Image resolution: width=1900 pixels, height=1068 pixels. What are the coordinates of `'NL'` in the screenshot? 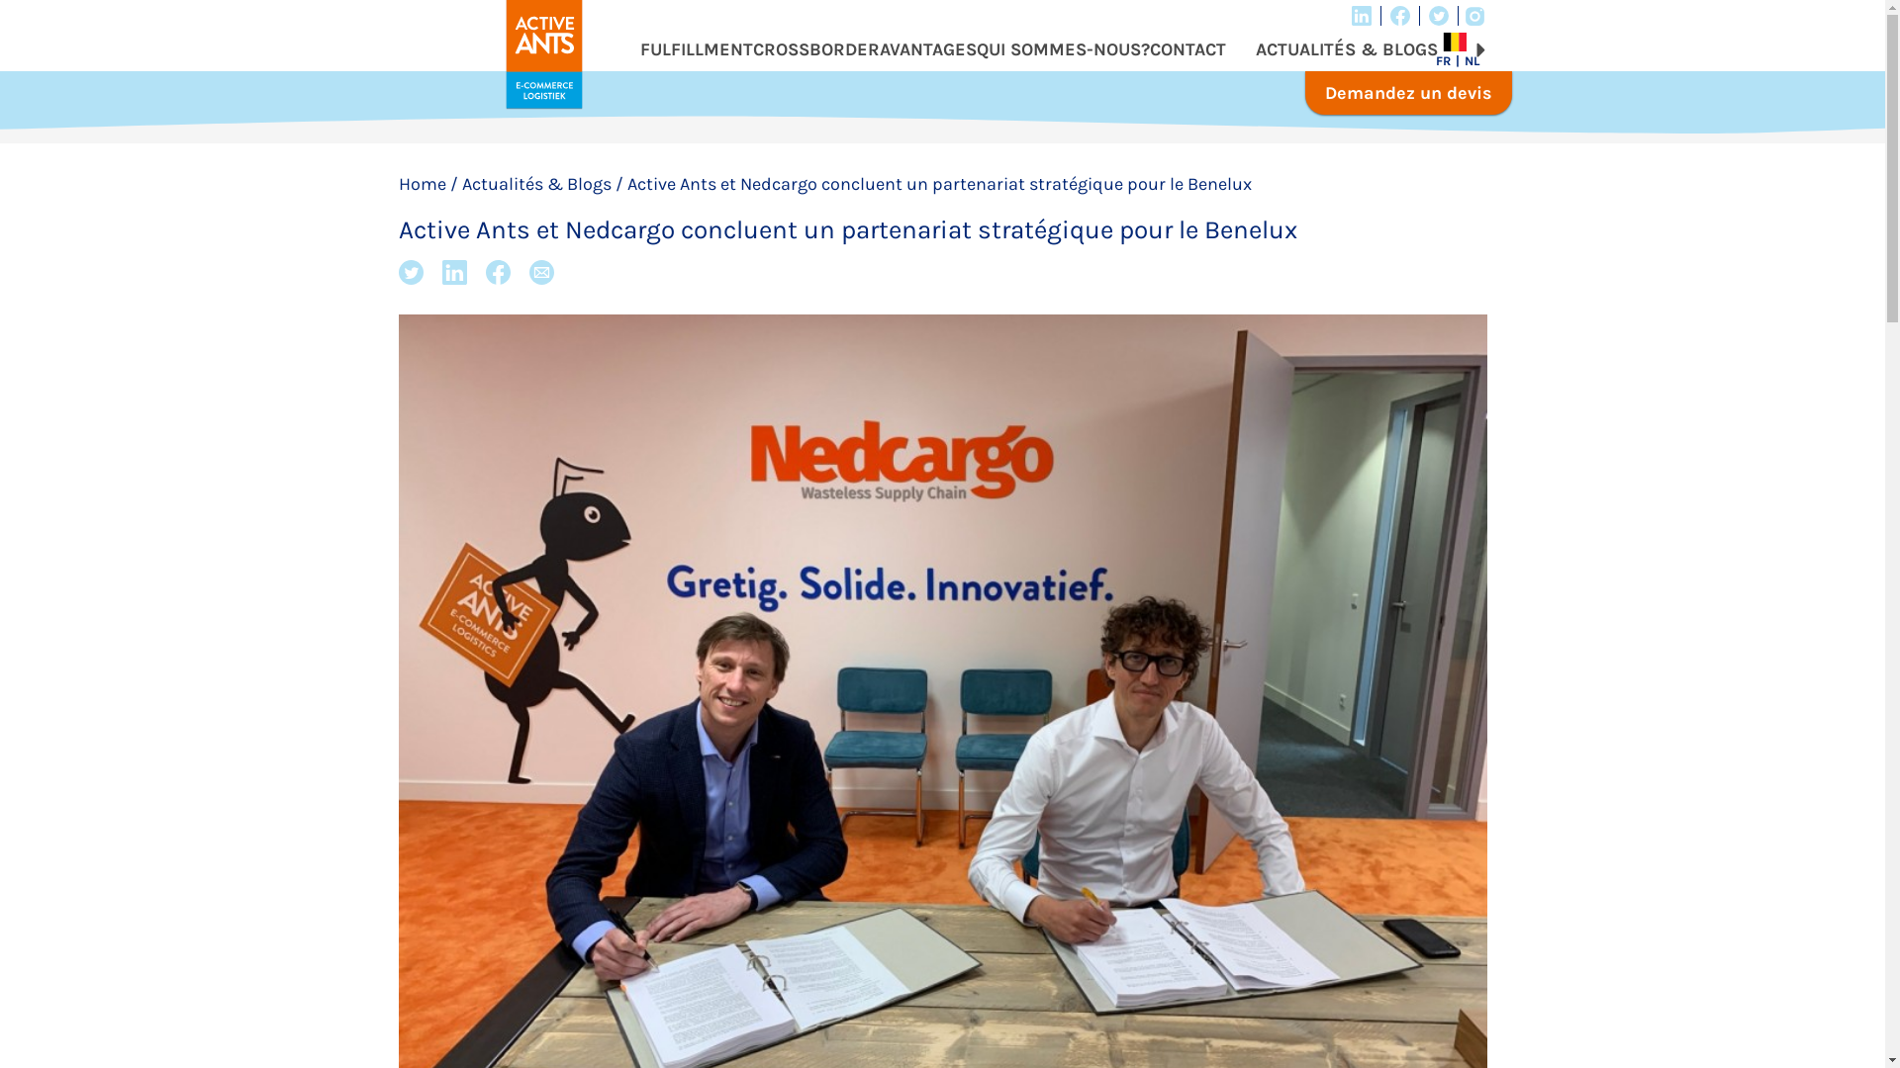 It's located at (1472, 60).